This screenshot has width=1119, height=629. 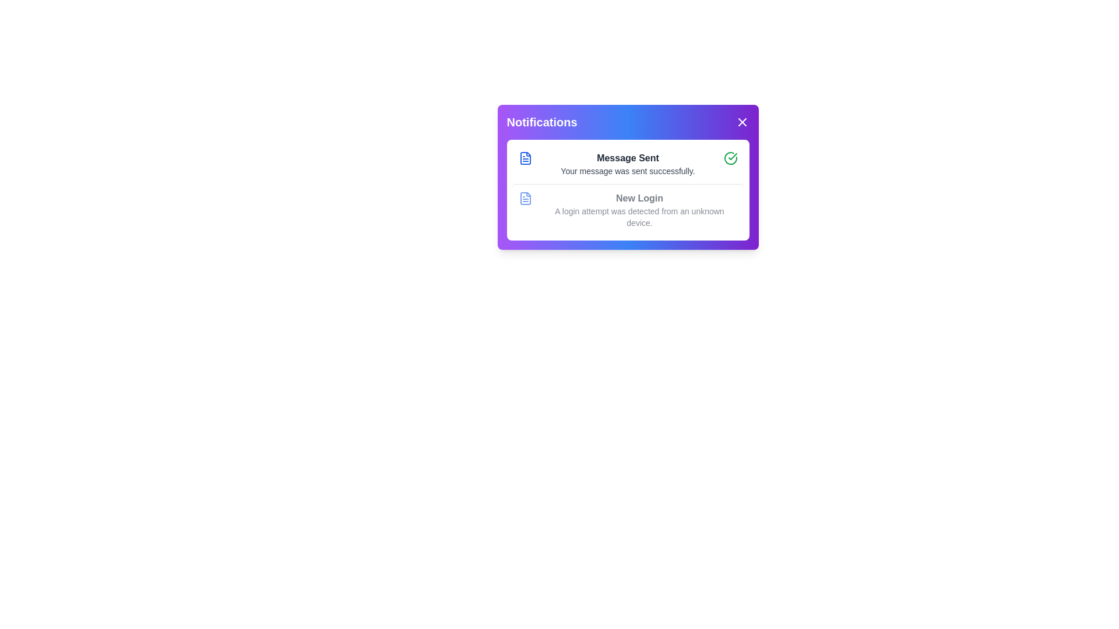 What do you see at coordinates (627, 164) in the screenshot?
I see `the notification message titled 'Message Sent' to focus on it` at bounding box center [627, 164].